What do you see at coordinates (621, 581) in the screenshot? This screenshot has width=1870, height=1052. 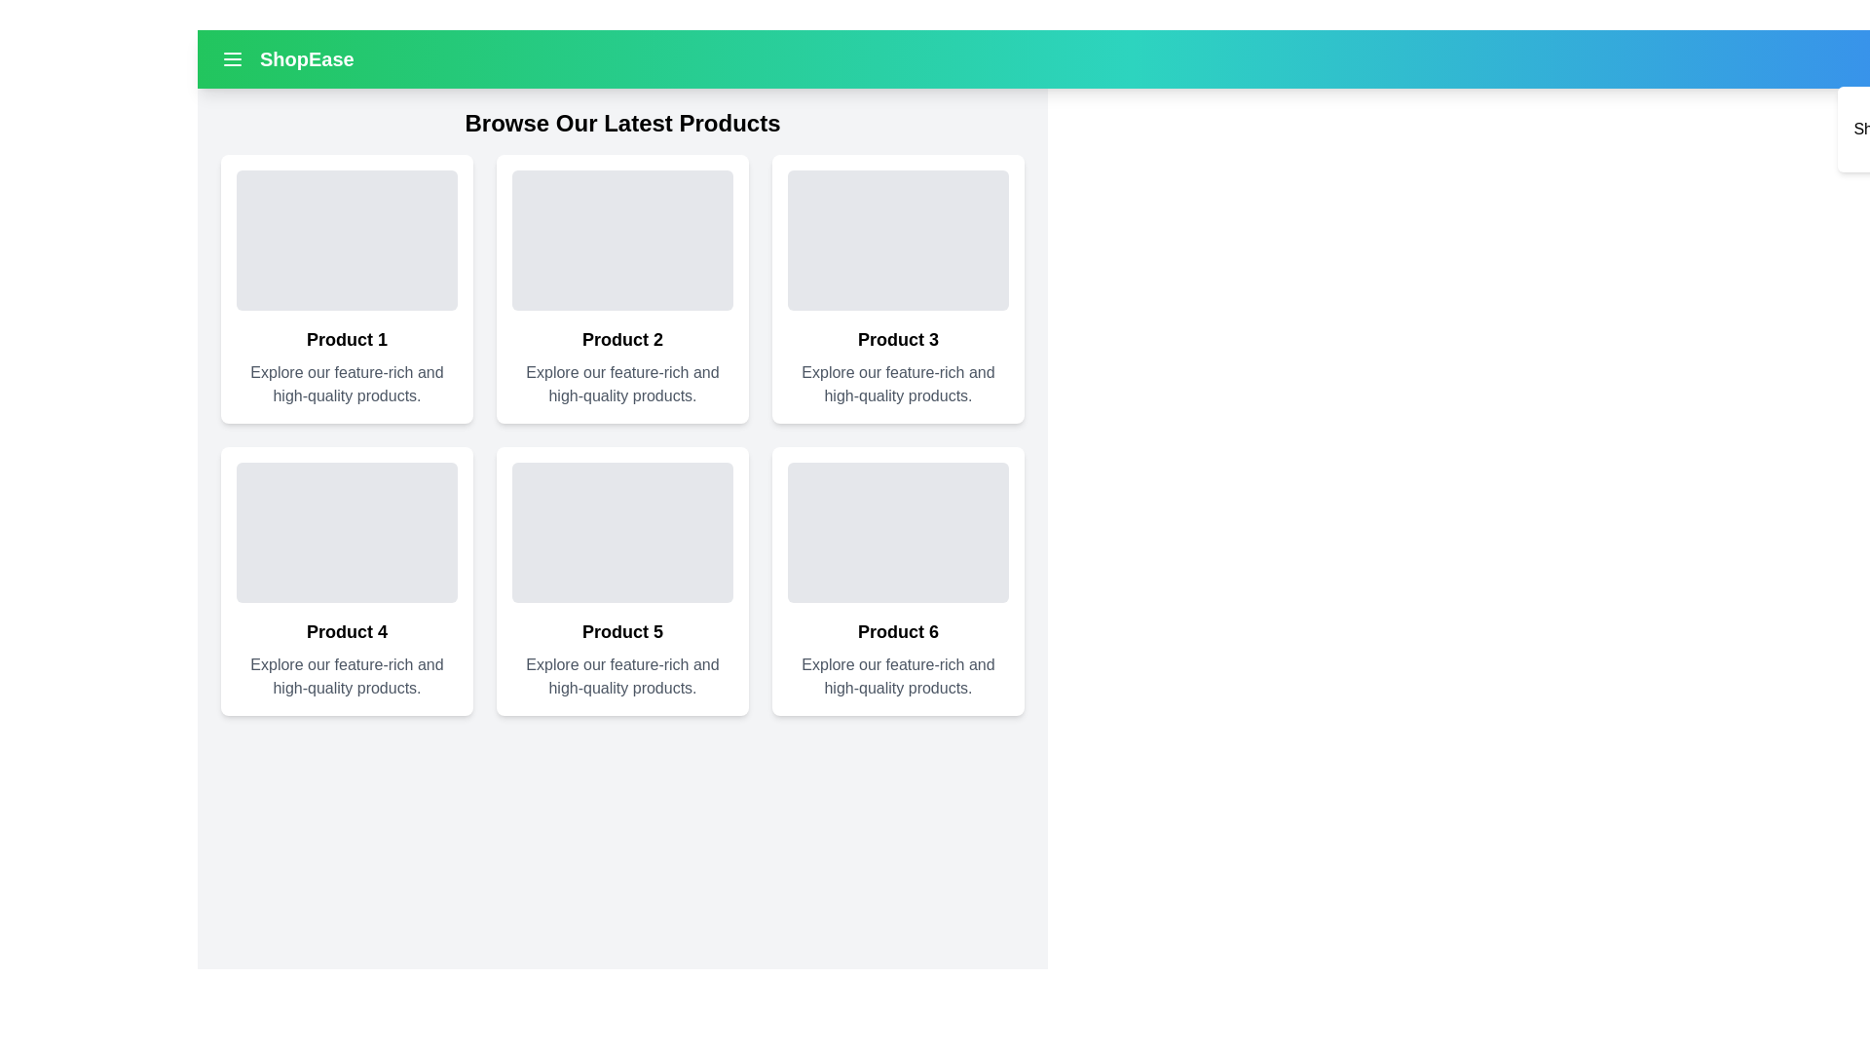 I see `the fifth product display card located` at bounding box center [621, 581].